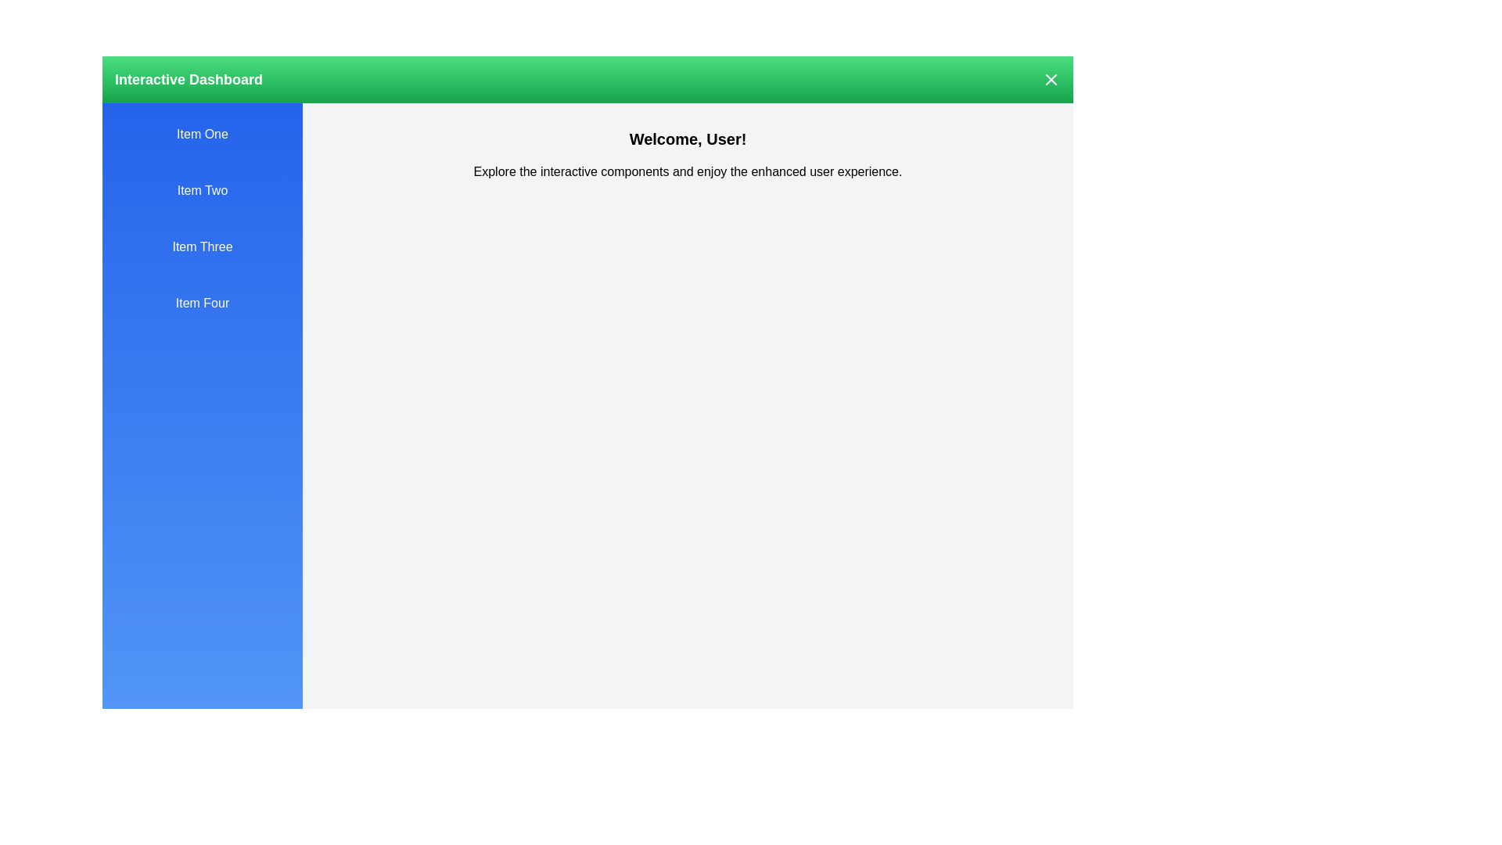 This screenshot has height=845, width=1502. I want to click on the drawer item Item Two to observe the hover effect, so click(202, 189).